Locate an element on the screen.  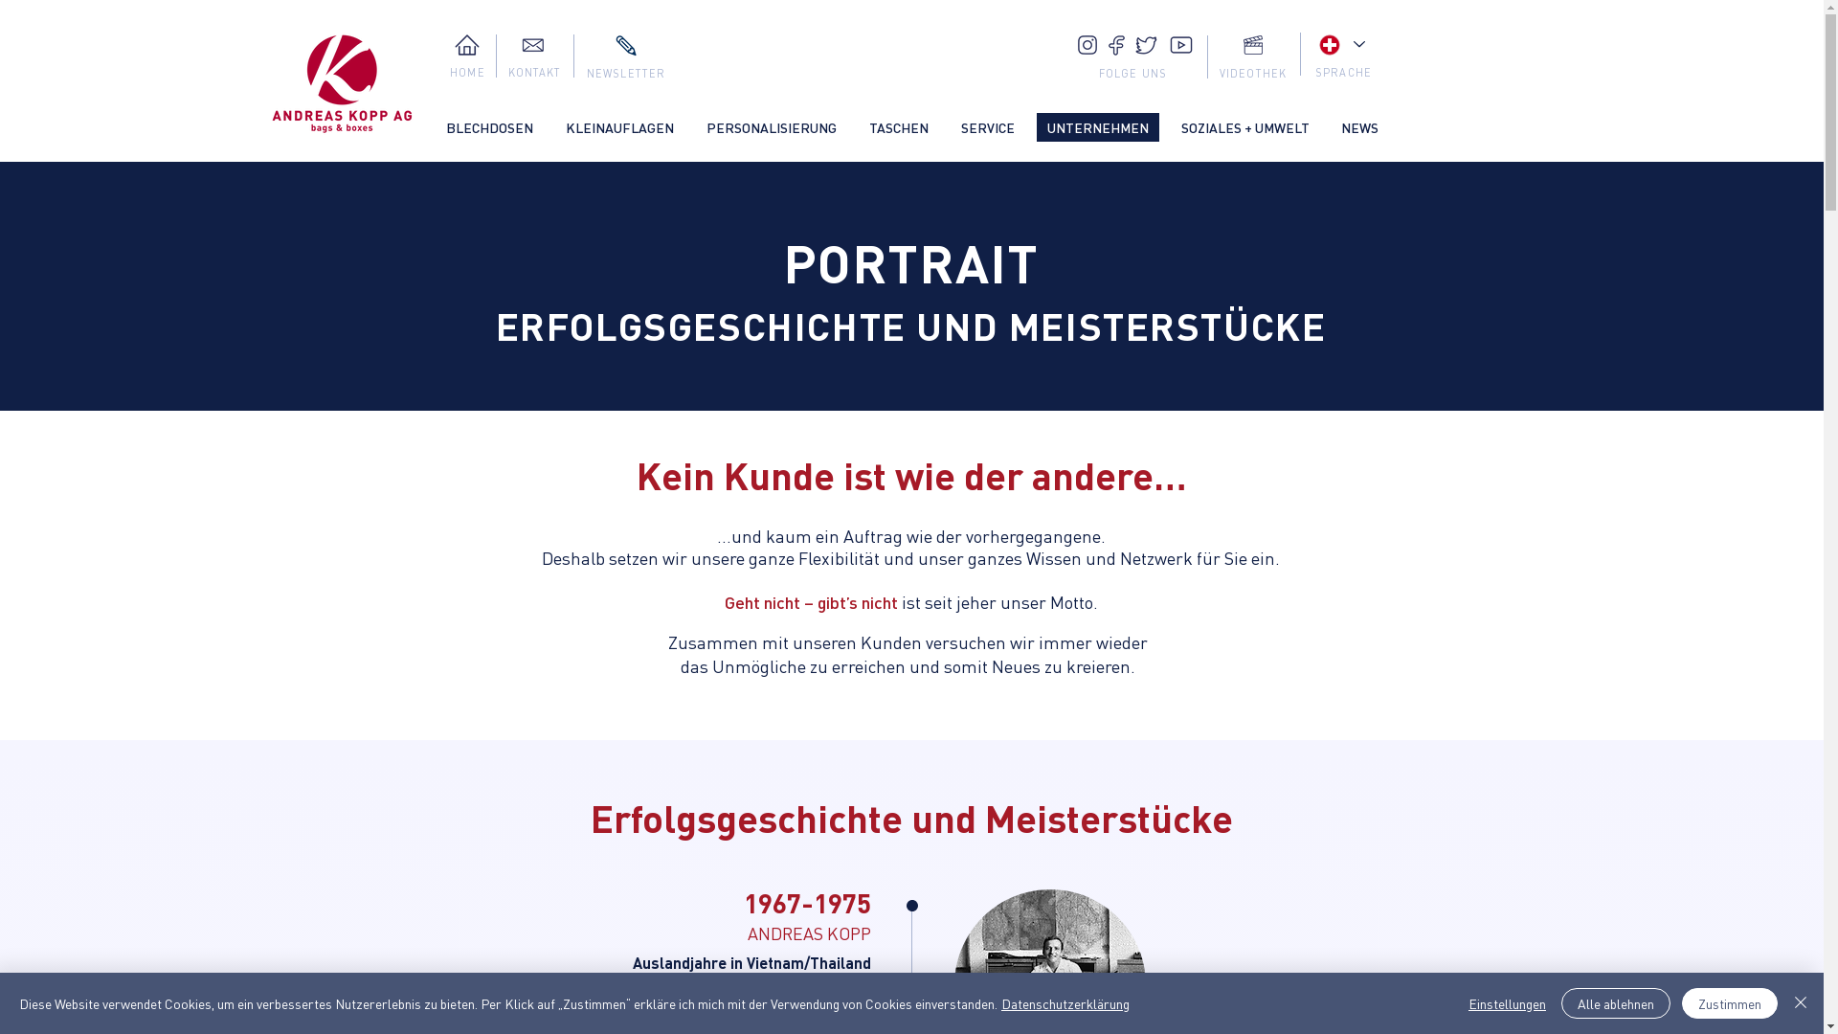
'Alle ablehnen' is located at coordinates (1615, 1002).